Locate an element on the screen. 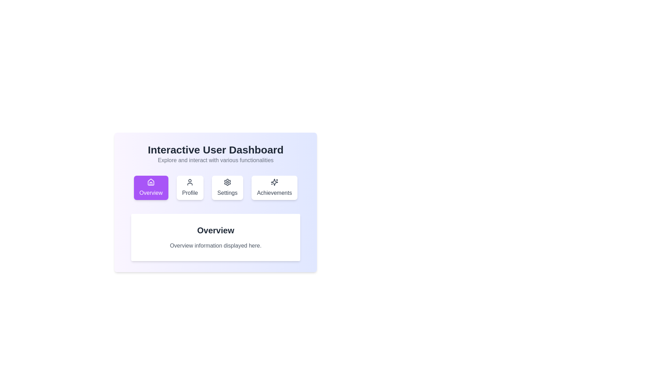  the 'Settings' section of the Navigation bar to change its appearance is located at coordinates (215, 187).